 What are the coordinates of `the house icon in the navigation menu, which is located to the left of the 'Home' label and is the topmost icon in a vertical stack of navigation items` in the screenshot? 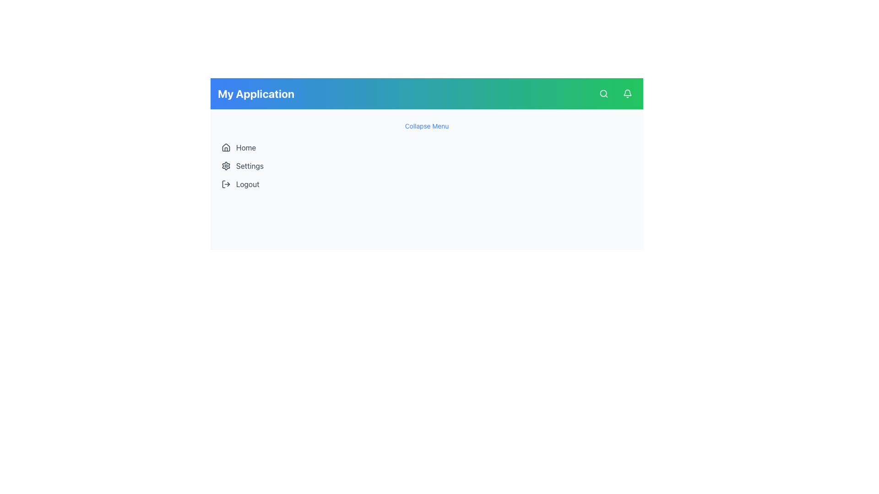 It's located at (226, 146).